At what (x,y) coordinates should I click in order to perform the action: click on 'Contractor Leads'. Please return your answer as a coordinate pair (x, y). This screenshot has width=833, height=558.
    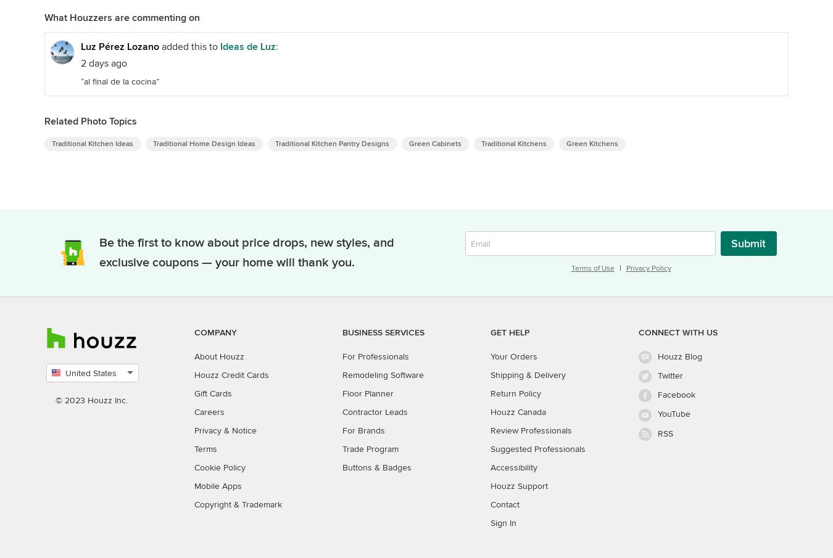
    Looking at the image, I should click on (375, 412).